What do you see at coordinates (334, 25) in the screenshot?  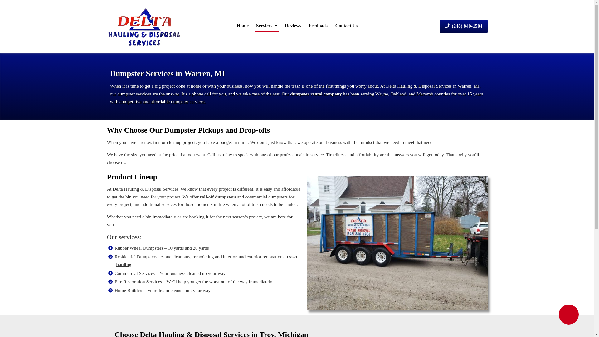 I see `'Contact Us'` at bounding box center [334, 25].